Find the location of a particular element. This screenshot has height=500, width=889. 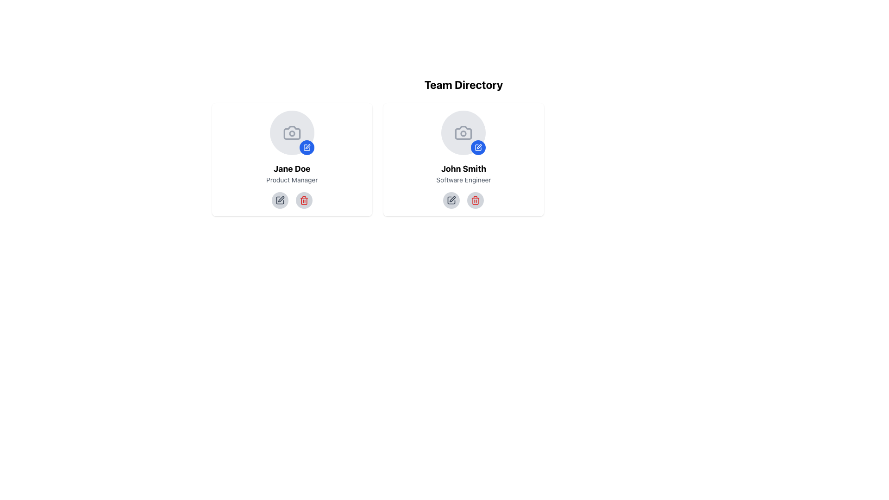

the edit icon located within Jane Doe's profile card, positioned near the profile photo's image placeholder is located at coordinates (307, 146).